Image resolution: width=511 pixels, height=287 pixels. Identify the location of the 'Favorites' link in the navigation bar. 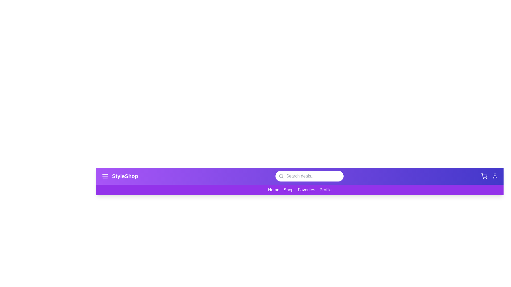
(306, 189).